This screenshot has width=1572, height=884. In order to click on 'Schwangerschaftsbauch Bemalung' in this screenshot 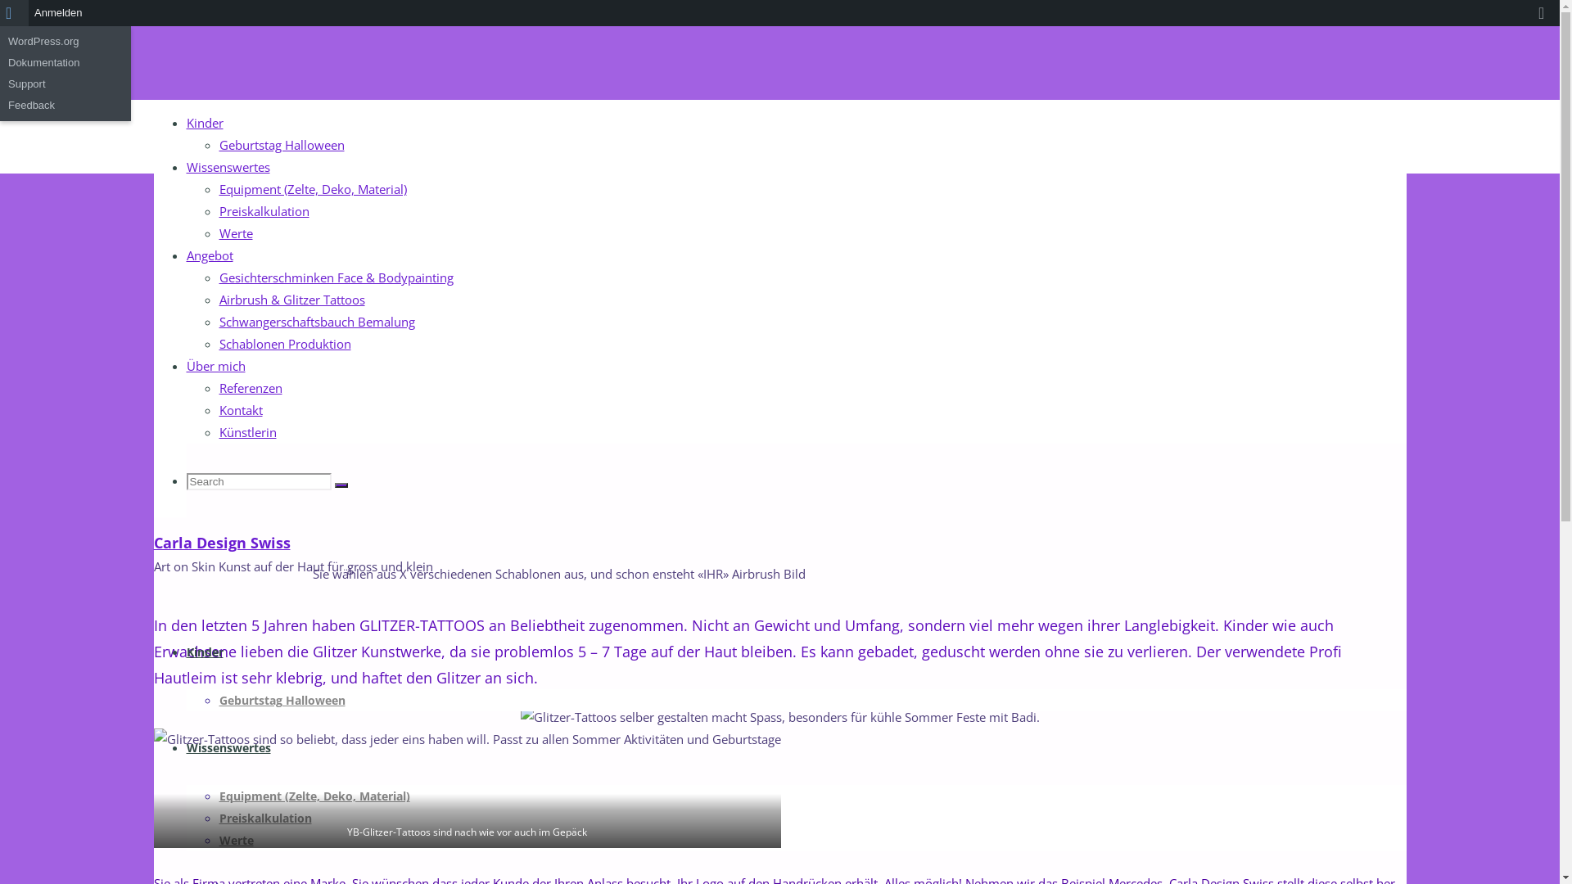, I will do `click(219, 322)`.